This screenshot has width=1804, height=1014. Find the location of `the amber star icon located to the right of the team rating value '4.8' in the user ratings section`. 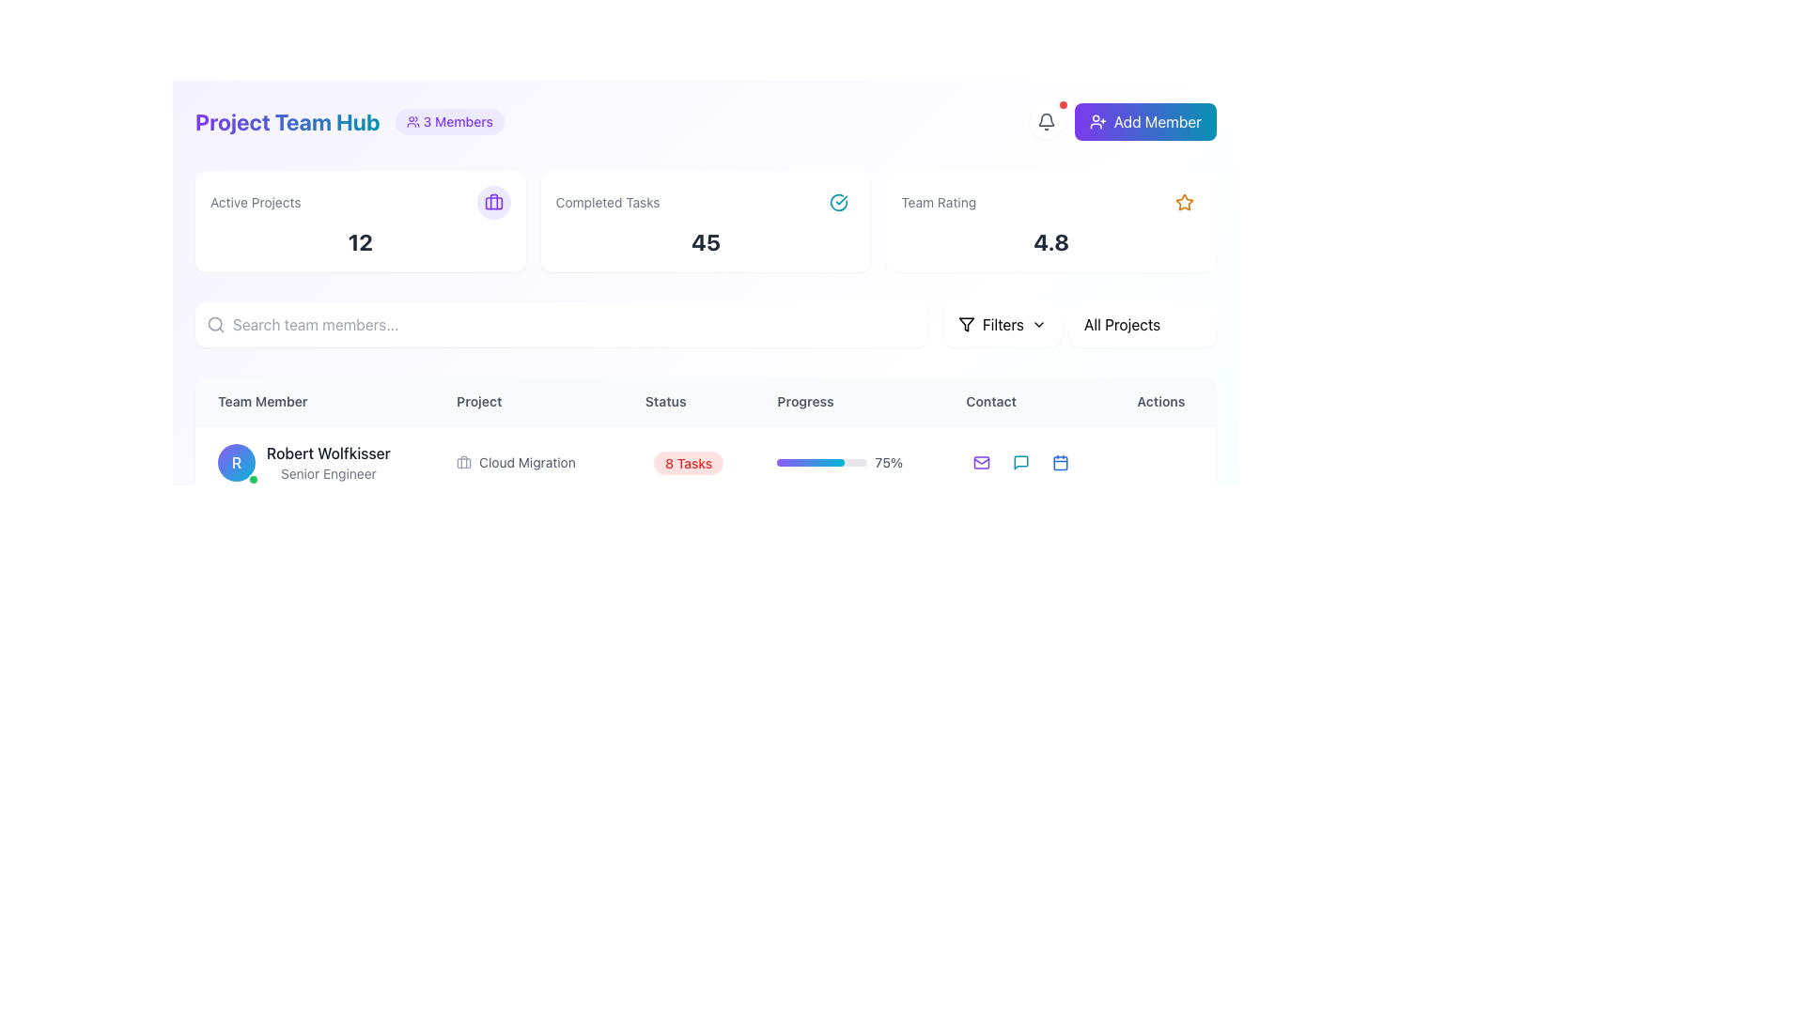

the amber star icon located to the right of the team rating value '4.8' in the user ratings section is located at coordinates (1184, 202).